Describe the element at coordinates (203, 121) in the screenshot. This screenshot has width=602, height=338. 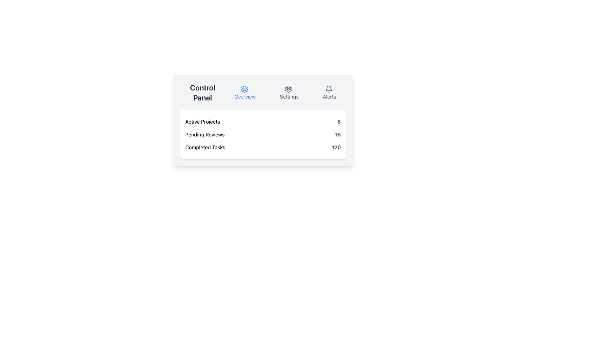
I see `the text label reading 'Active Projects' located in the upper-left section of the row, which is styled with medium font weight and part of a card layout` at that location.